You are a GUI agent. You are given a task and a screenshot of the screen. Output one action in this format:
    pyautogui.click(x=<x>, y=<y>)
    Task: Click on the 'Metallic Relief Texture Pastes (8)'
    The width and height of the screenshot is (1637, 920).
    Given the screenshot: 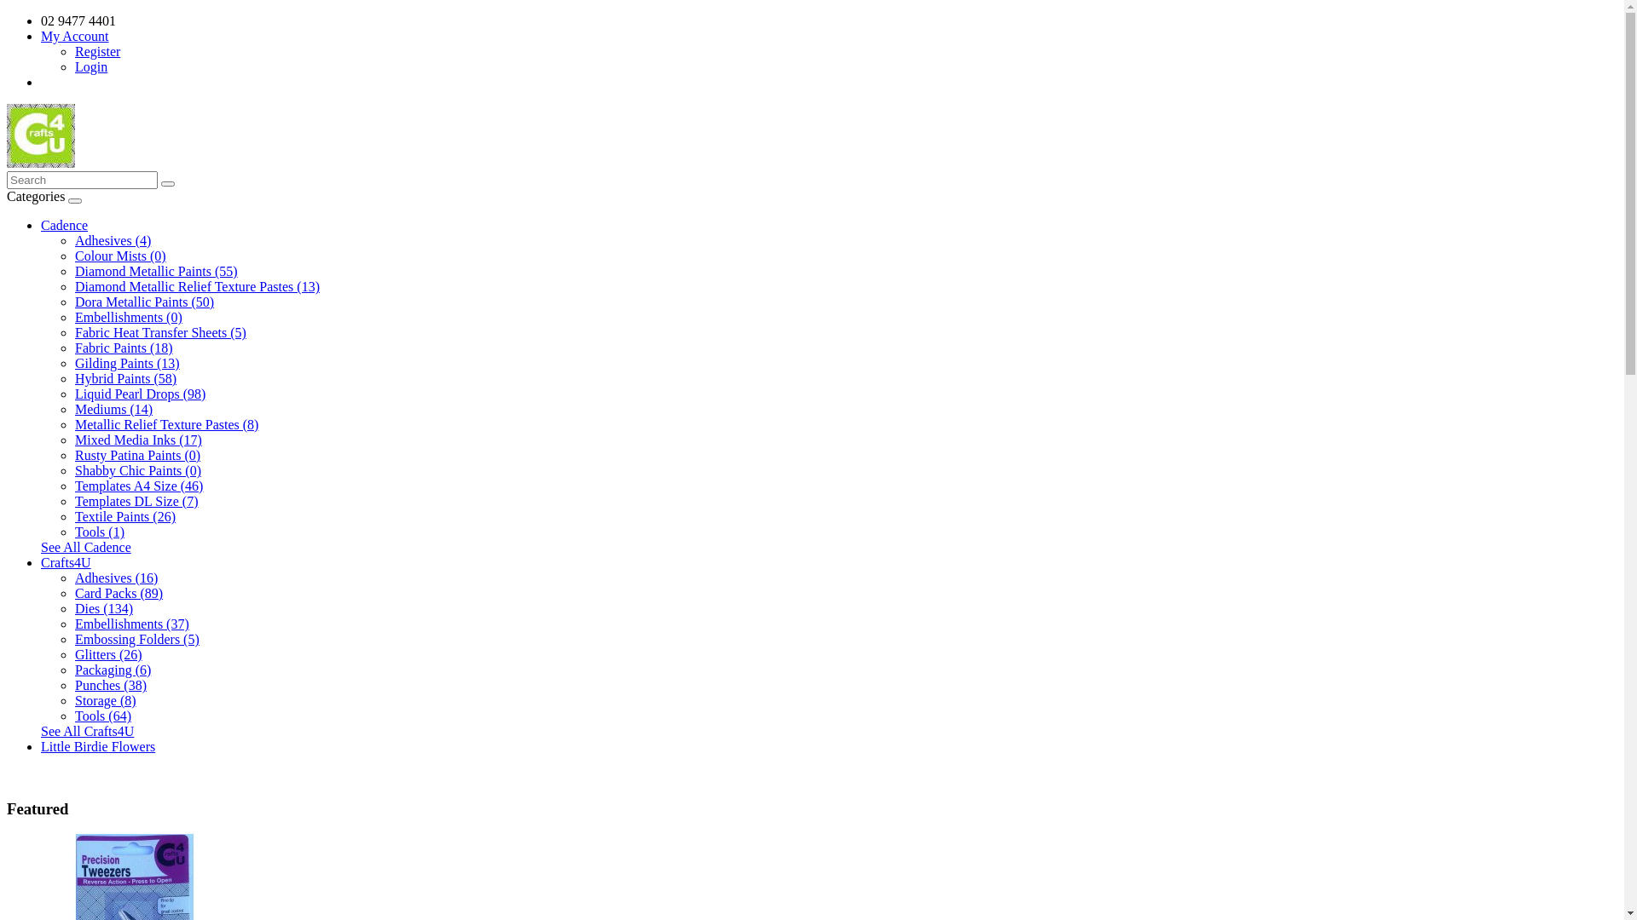 What is the action you would take?
    pyautogui.click(x=166, y=423)
    